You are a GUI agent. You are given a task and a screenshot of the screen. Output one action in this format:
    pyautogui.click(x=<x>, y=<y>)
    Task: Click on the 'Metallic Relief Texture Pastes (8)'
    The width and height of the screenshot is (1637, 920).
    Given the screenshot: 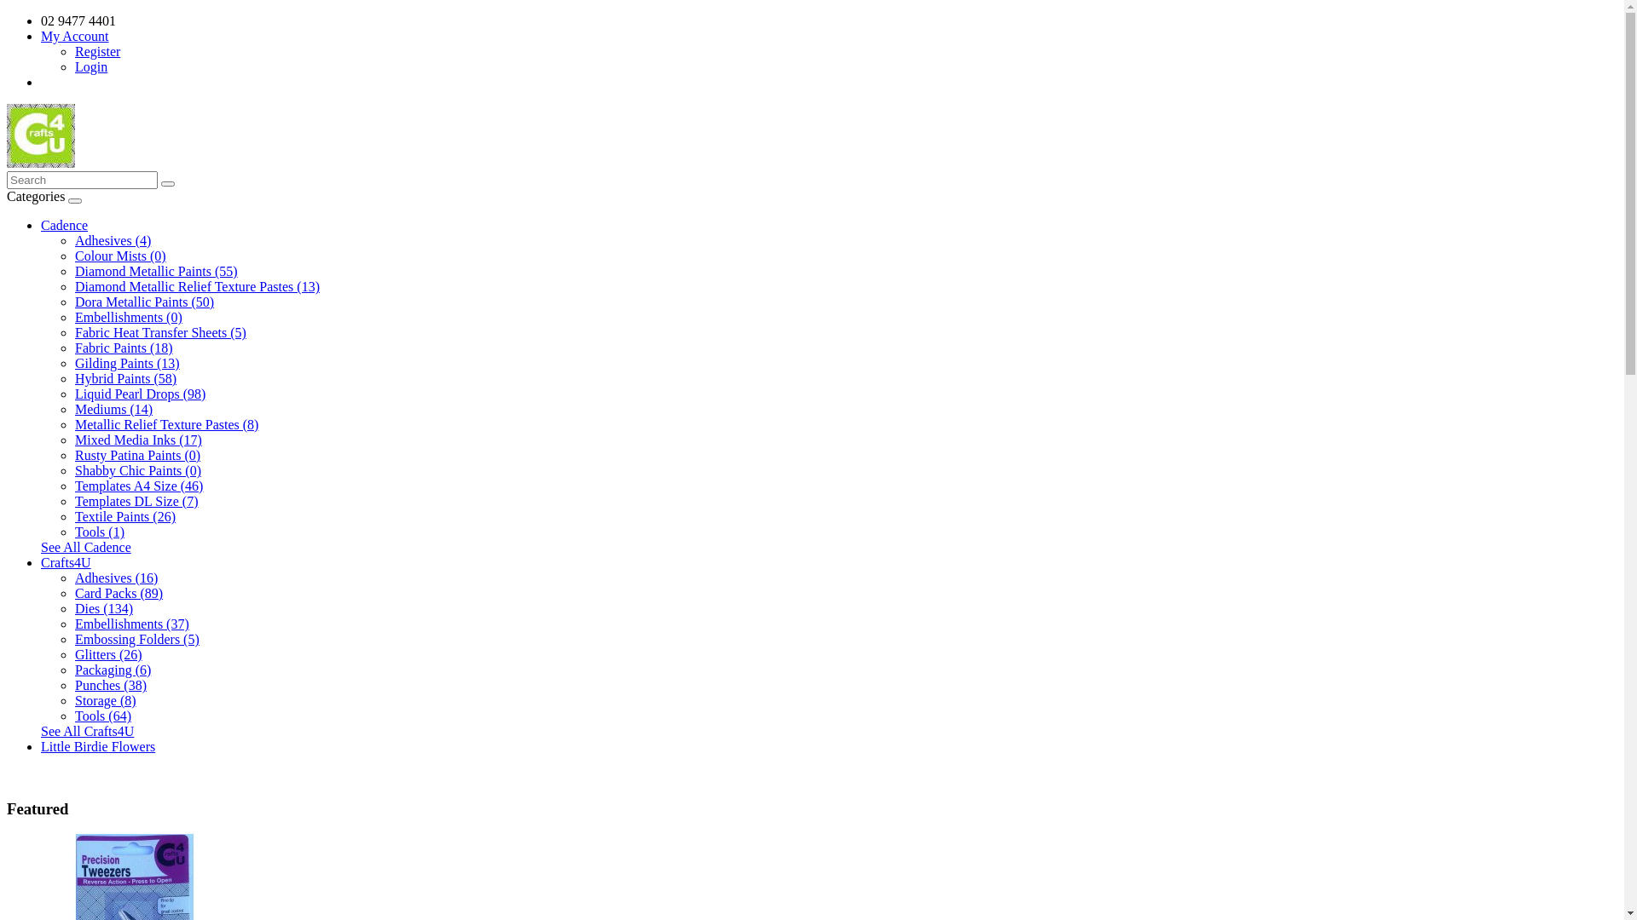 What is the action you would take?
    pyautogui.click(x=166, y=423)
    